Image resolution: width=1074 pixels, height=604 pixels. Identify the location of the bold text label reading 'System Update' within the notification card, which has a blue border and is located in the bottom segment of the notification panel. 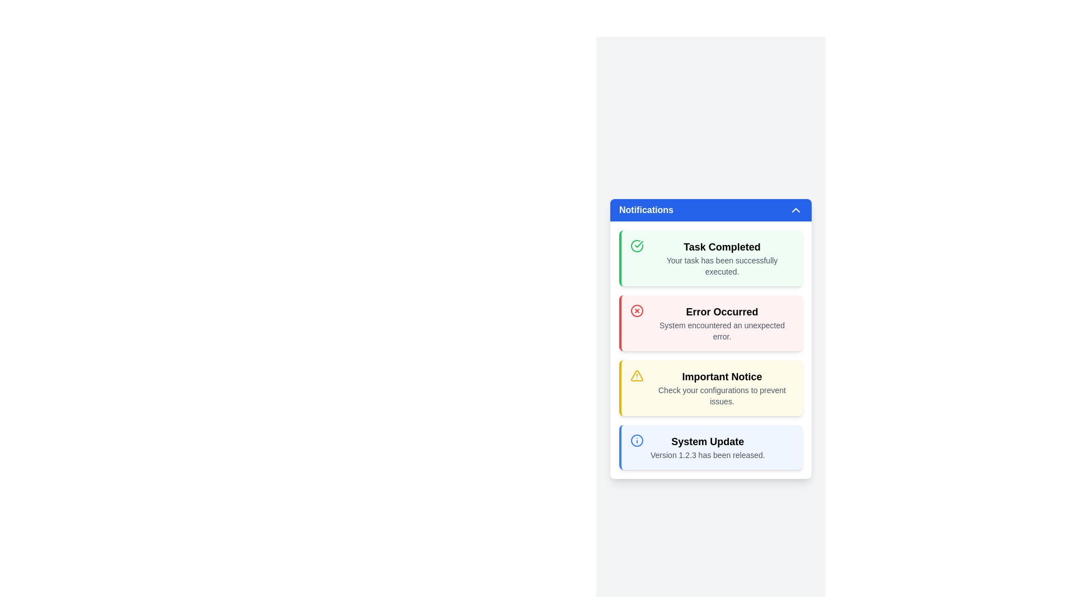
(707, 441).